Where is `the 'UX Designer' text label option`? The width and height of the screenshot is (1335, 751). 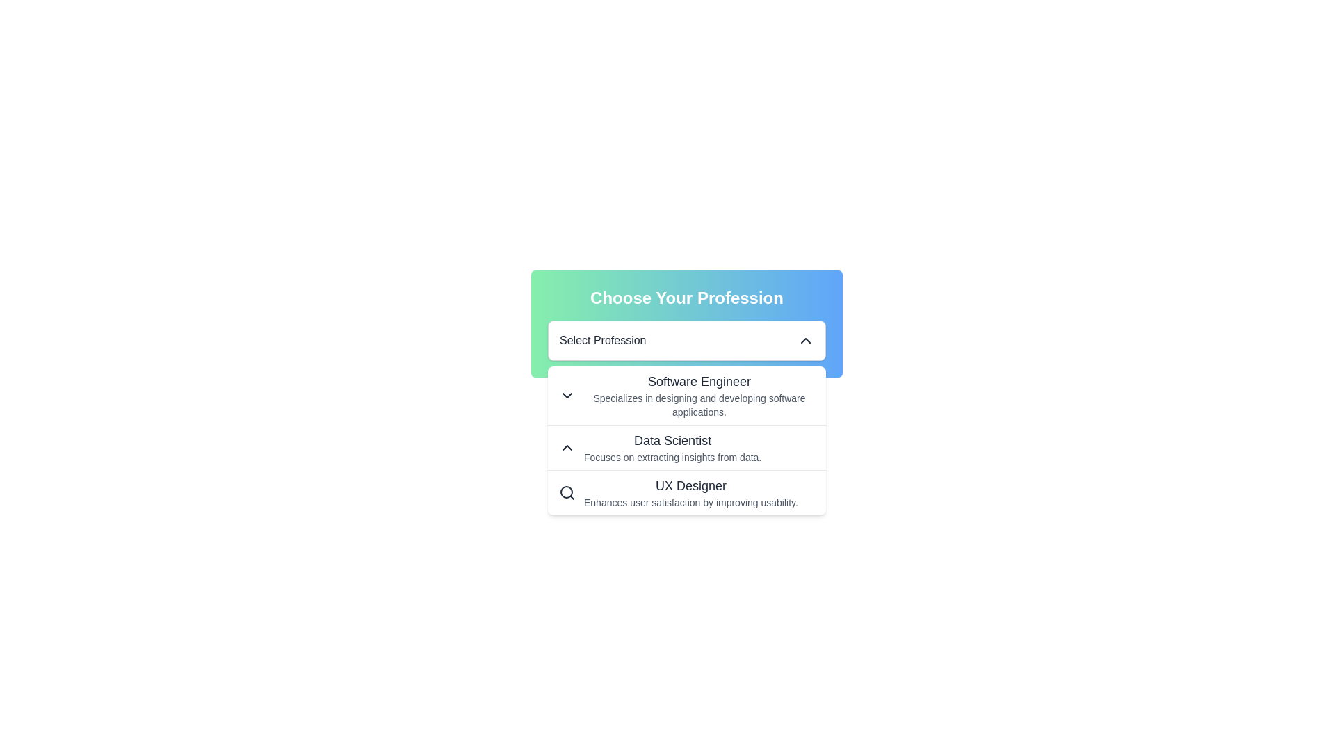
the 'UX Designer' text label option is located at coordinates (690, 485).